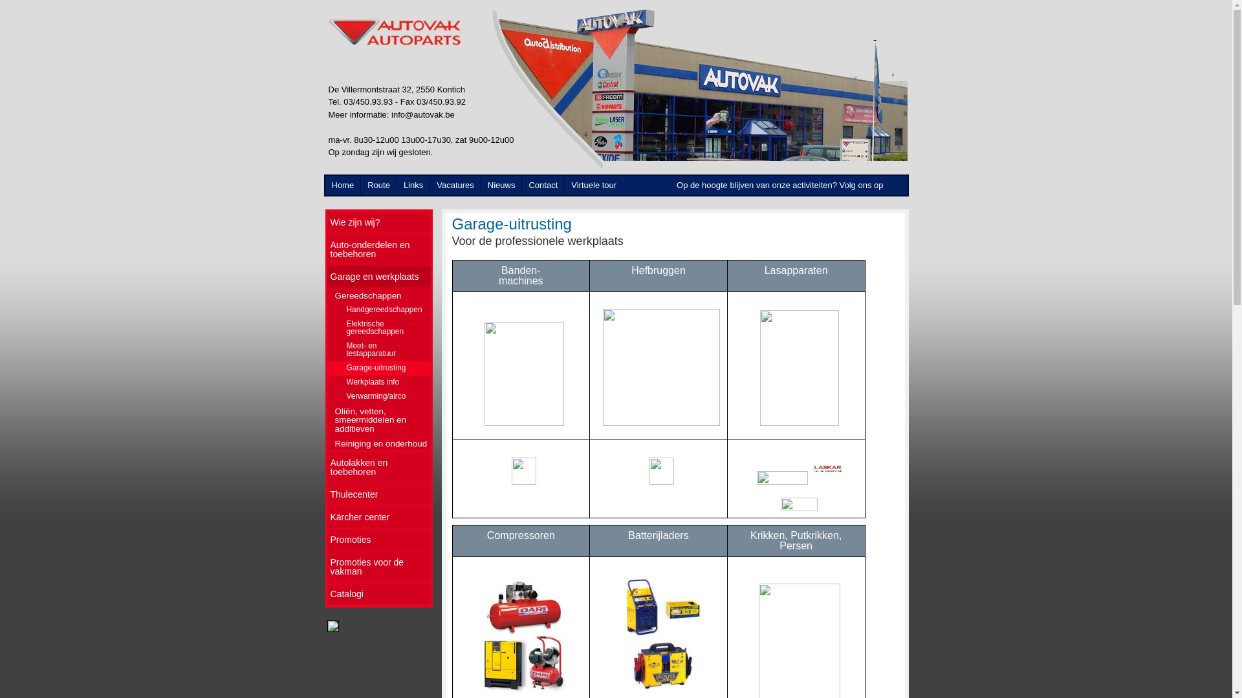 The height and width of the screenshot is (698, 1242). Describe the element at coordinates (378, 350) in the screenshot. I see `'Meet- en testapparatuur'` at that location.